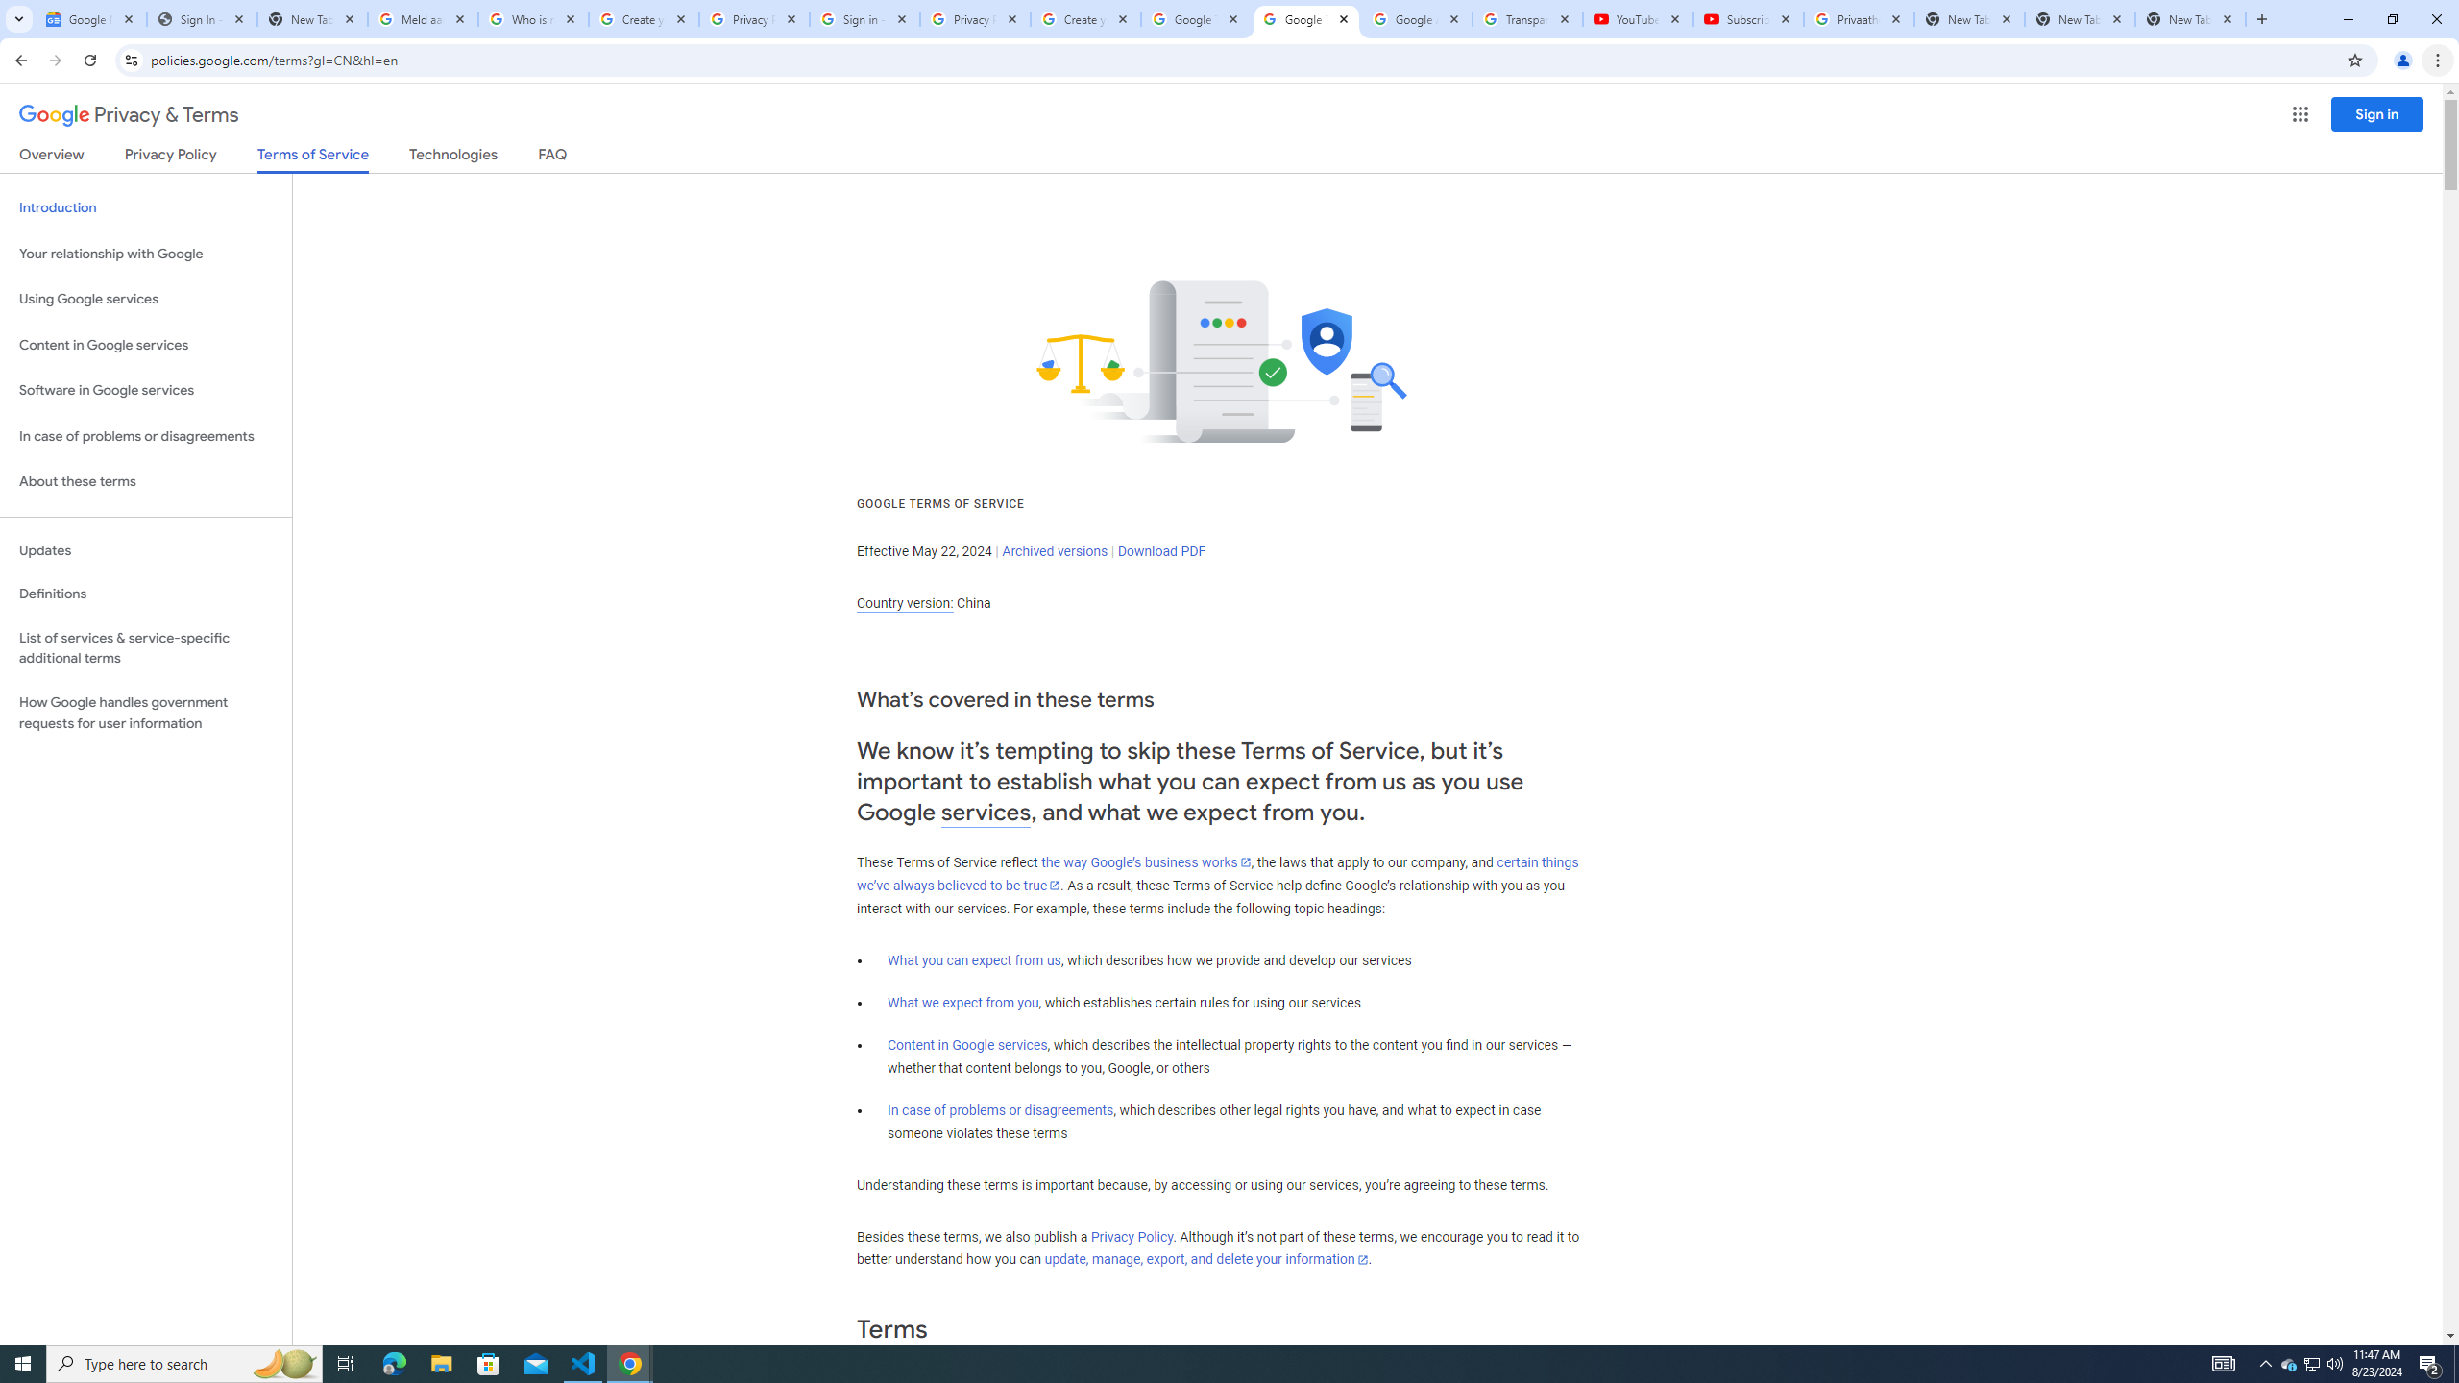  What do you see at coordinates (532, 18) in the screenshot?
I see `'Who is my administrator? - Google Account Help'` at bounding box center [532, 18].